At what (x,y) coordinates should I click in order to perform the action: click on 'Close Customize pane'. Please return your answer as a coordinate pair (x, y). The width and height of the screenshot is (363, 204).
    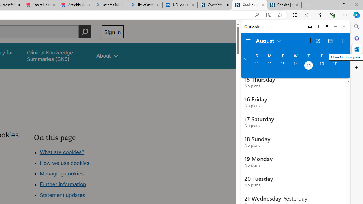
    Looking at the image, I should click on (356, 67).